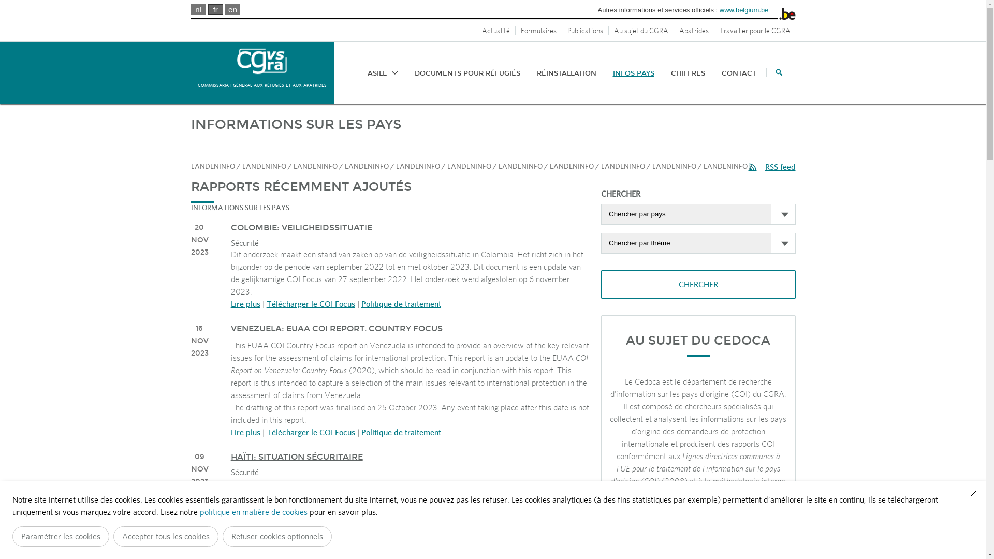 Image resolution: width=994 pixels, height=559 pixels. I want to click on 'COLOMBIE: VEILIGHEIDSSITUATIE', so click(301, 227).